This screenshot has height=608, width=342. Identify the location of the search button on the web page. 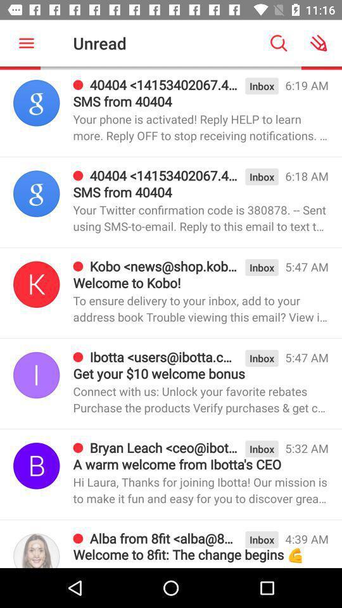
(279, 43).